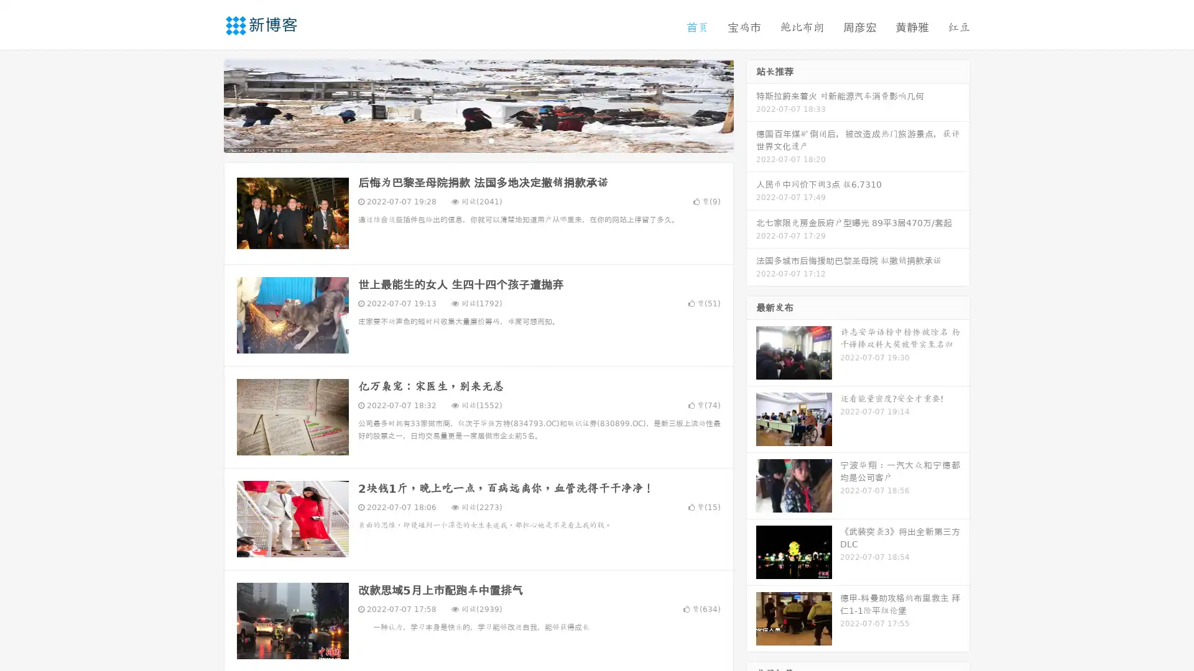 This screenshot has height=671, width=1194. Describe the element at coordinates (478, 140) in the screenshot. I see `Go to slide 2` at that location.